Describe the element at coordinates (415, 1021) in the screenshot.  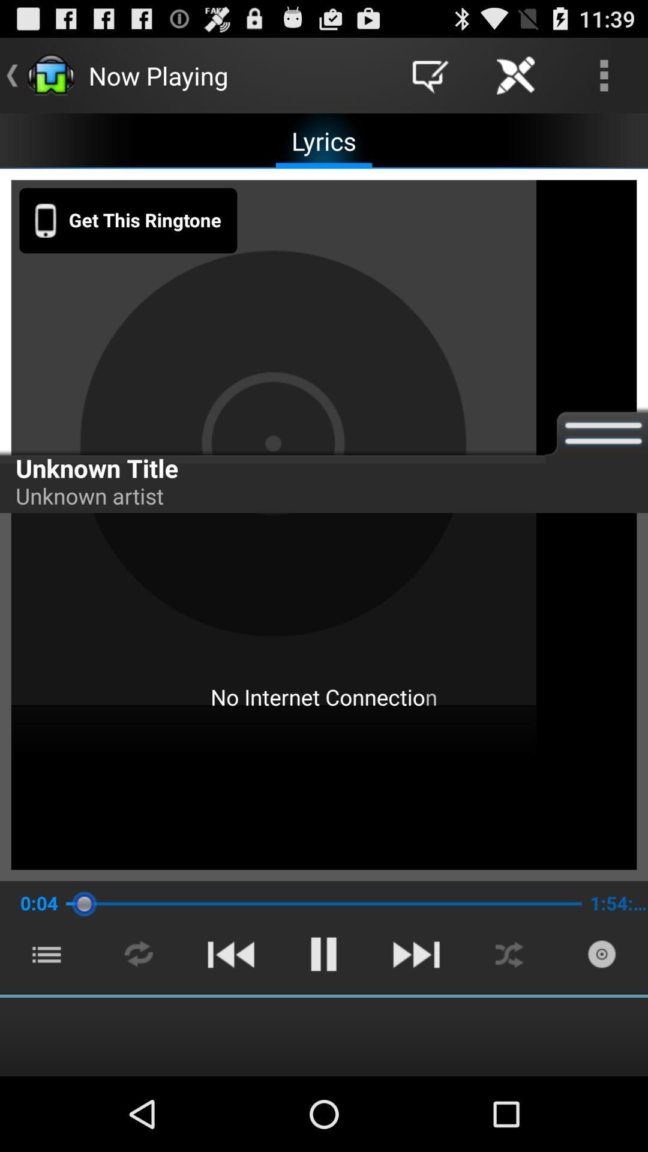
I see `the skip_next icon` at that location.